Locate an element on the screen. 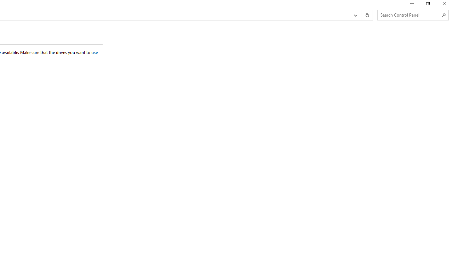 The image size is (453, 254). 'Search' is located at coordinates (443, 15).